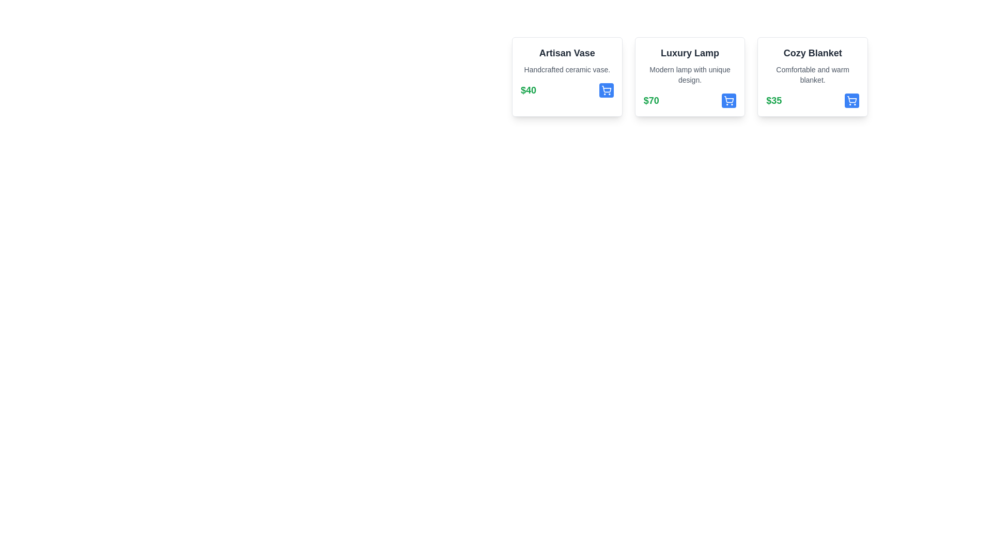  I want to click on the 'Add to Cart' button located in the lower right corner of the card labeled 'Artisan Vase' priced at '$40', so click(606, 89).